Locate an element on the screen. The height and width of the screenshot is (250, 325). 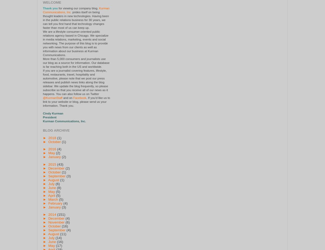
'(17)' is located at coordinates (59, 246).